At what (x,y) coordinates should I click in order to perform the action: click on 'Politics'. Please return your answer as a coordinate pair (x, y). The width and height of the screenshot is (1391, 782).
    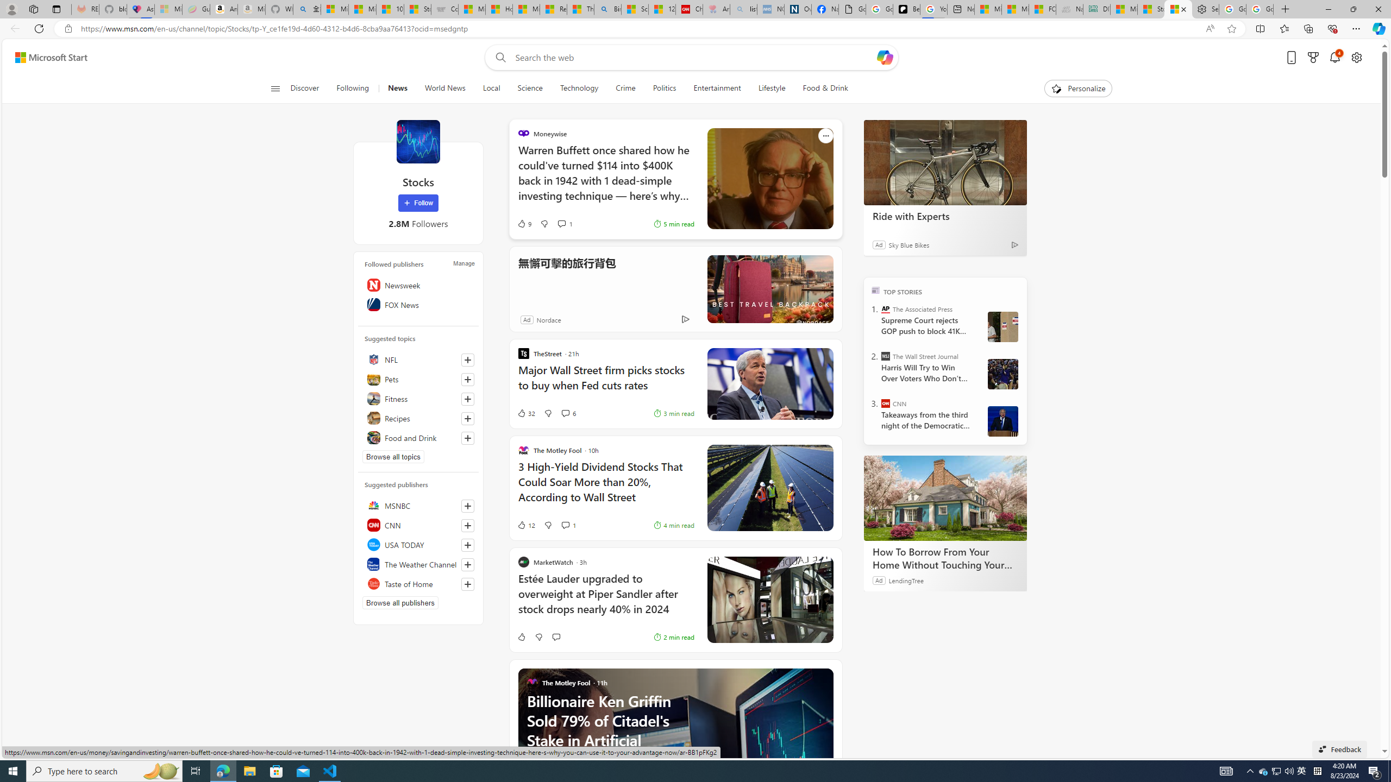
    Looking at the image, I should click on (664, 88).